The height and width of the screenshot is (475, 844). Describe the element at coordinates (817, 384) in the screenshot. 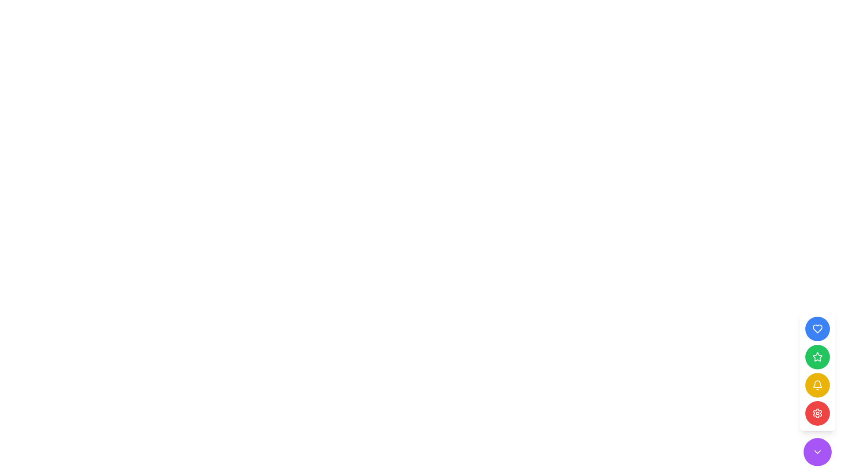

I see `the circular button displaying a bell icon, which has a bright yellow background and is the third button in a vertical stack of similar buttons on the right side of the interface` at that location.